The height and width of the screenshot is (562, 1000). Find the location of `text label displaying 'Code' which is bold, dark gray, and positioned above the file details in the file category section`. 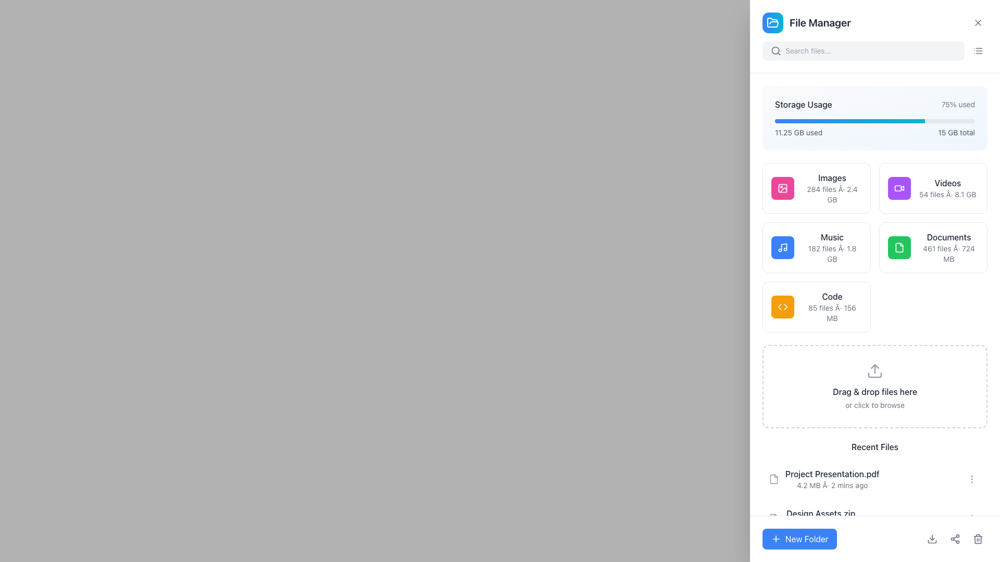

text label displaying 'Code' which is bold, dark gray, and positioned above the file details in the file category section is located at coordinates (832, 297).